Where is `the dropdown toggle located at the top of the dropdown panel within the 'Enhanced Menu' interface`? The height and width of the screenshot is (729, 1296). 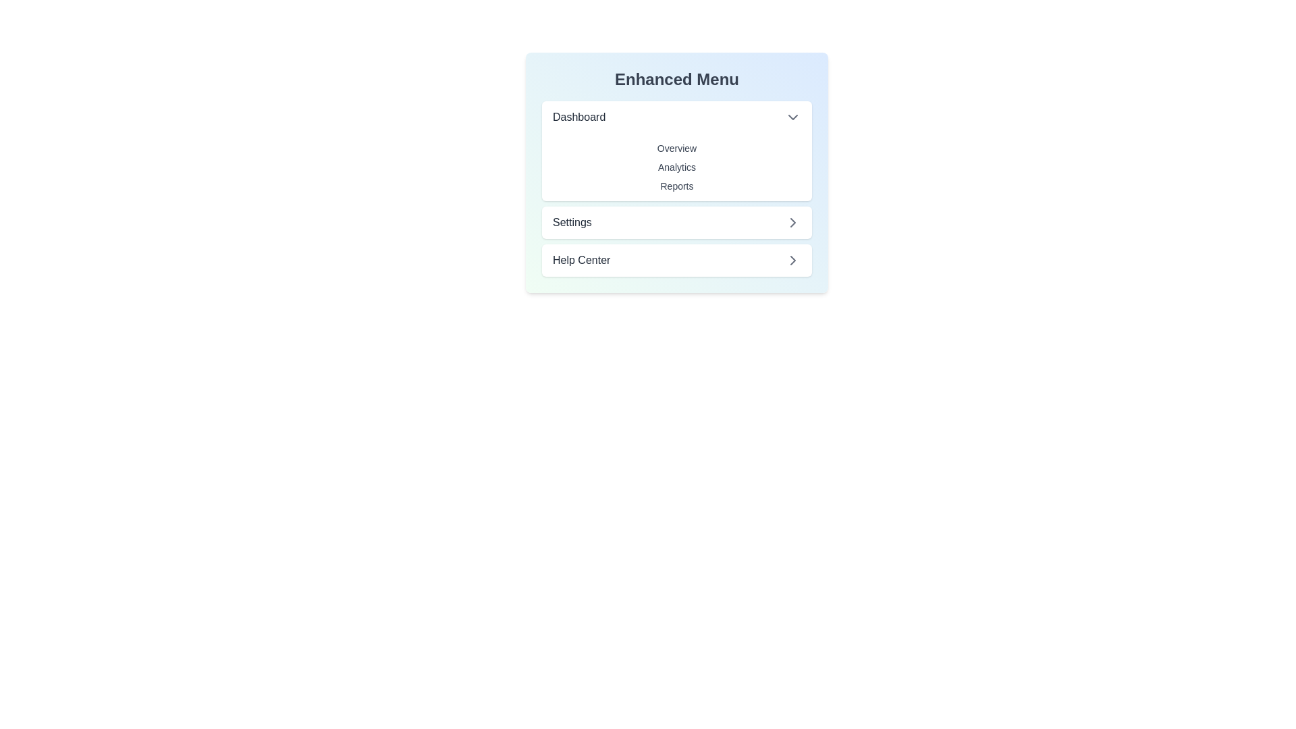
the dropdown toggle located at the top of the dropdown panel within the 'Enhanced Menu' interface is located at coordinates (677, 116).